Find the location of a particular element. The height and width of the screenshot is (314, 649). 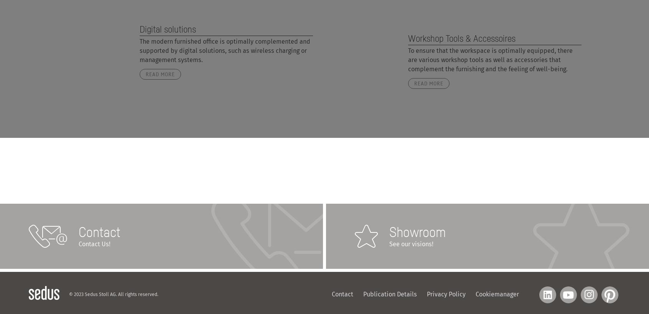

'The modern furnished office is optimally complemented and supported by digital solutions, such as wireless charging or management systems.' is located at coordinates (139, 51).